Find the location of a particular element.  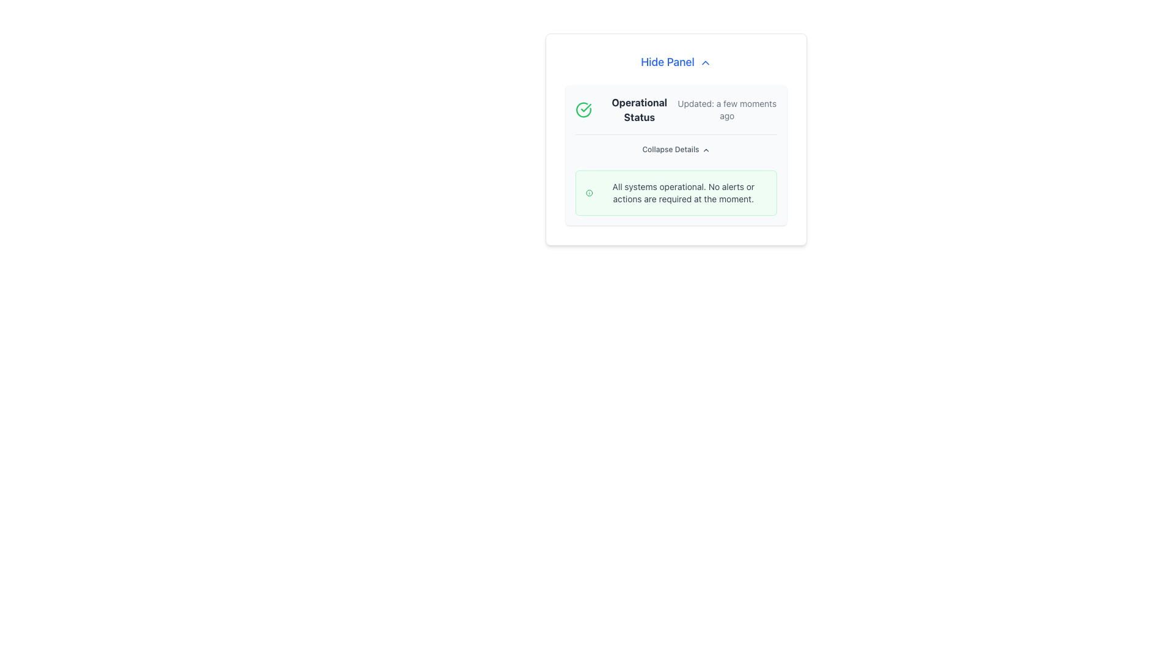

the informational text label that indicates the operational status, which currently states no actions are required, located within a green-bordered rectangular box below the 'Operational Status' section is located at coordinates (682, 193).